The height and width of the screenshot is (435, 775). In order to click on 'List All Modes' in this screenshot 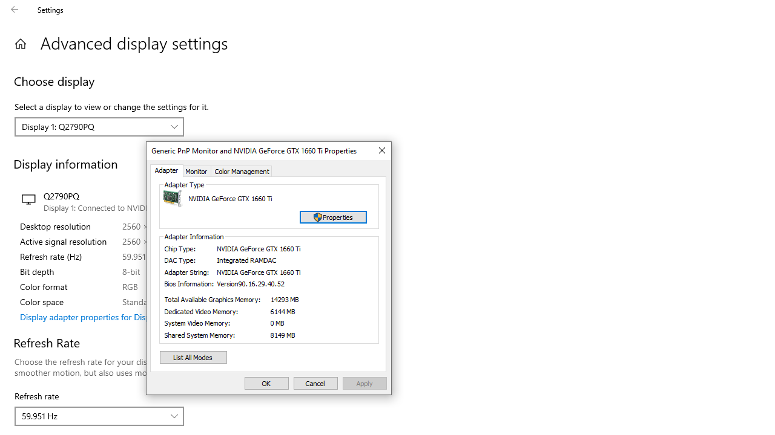, I will do `click(193, 356)`.